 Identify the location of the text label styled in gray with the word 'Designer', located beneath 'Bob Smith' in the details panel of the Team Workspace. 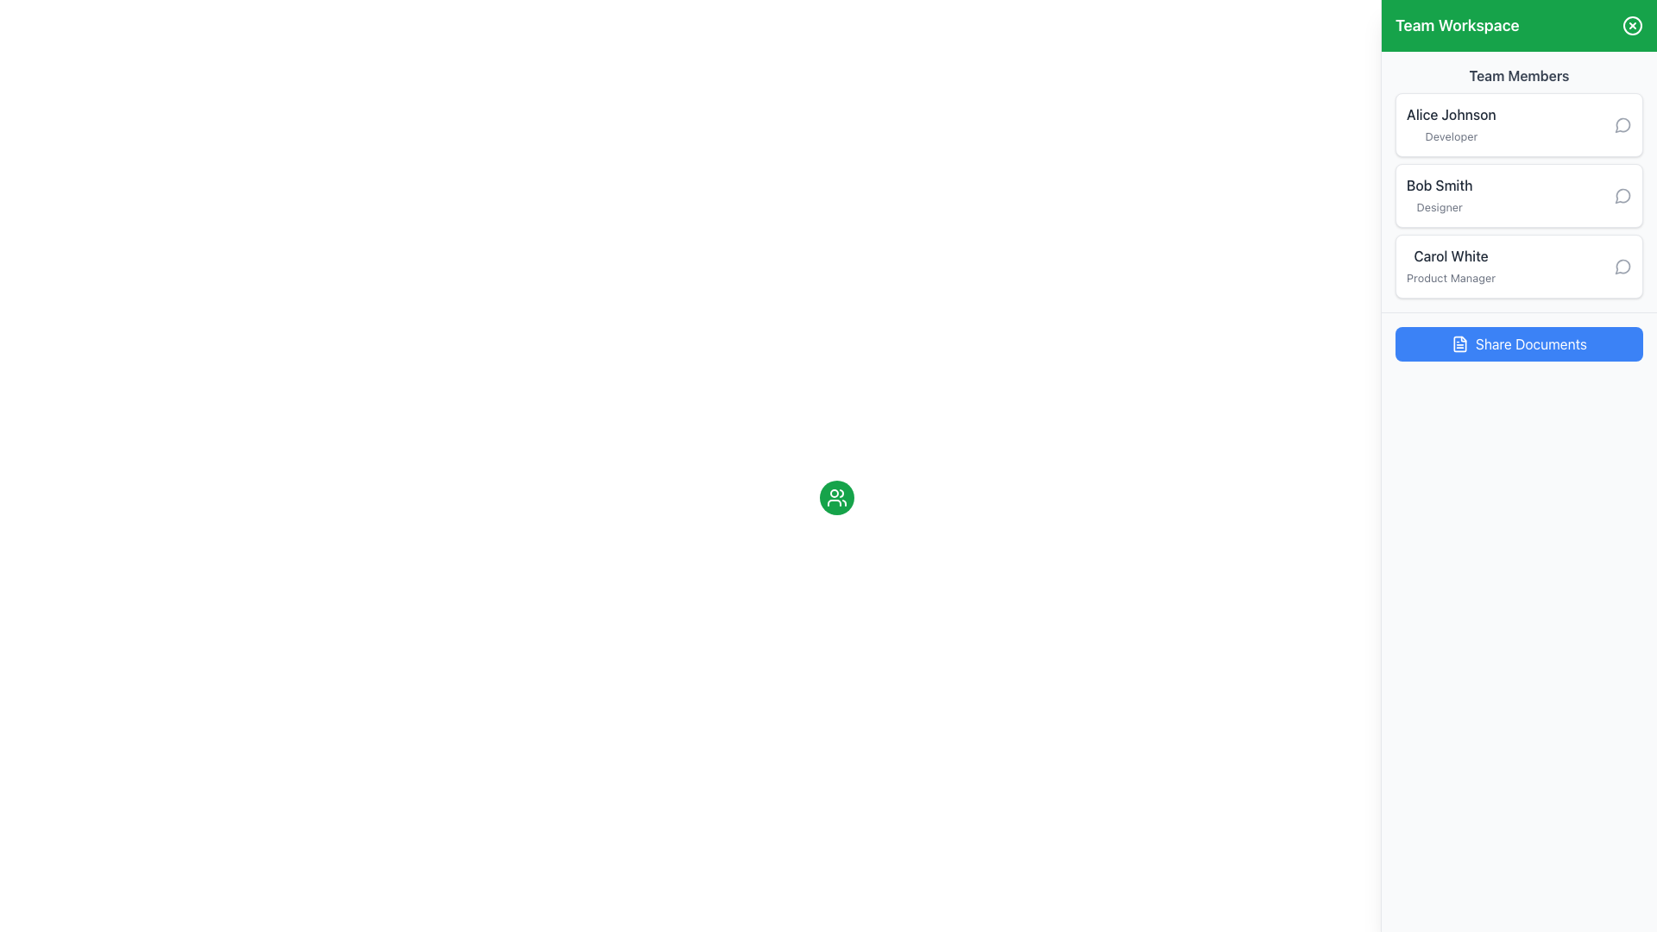
(1440, 206).